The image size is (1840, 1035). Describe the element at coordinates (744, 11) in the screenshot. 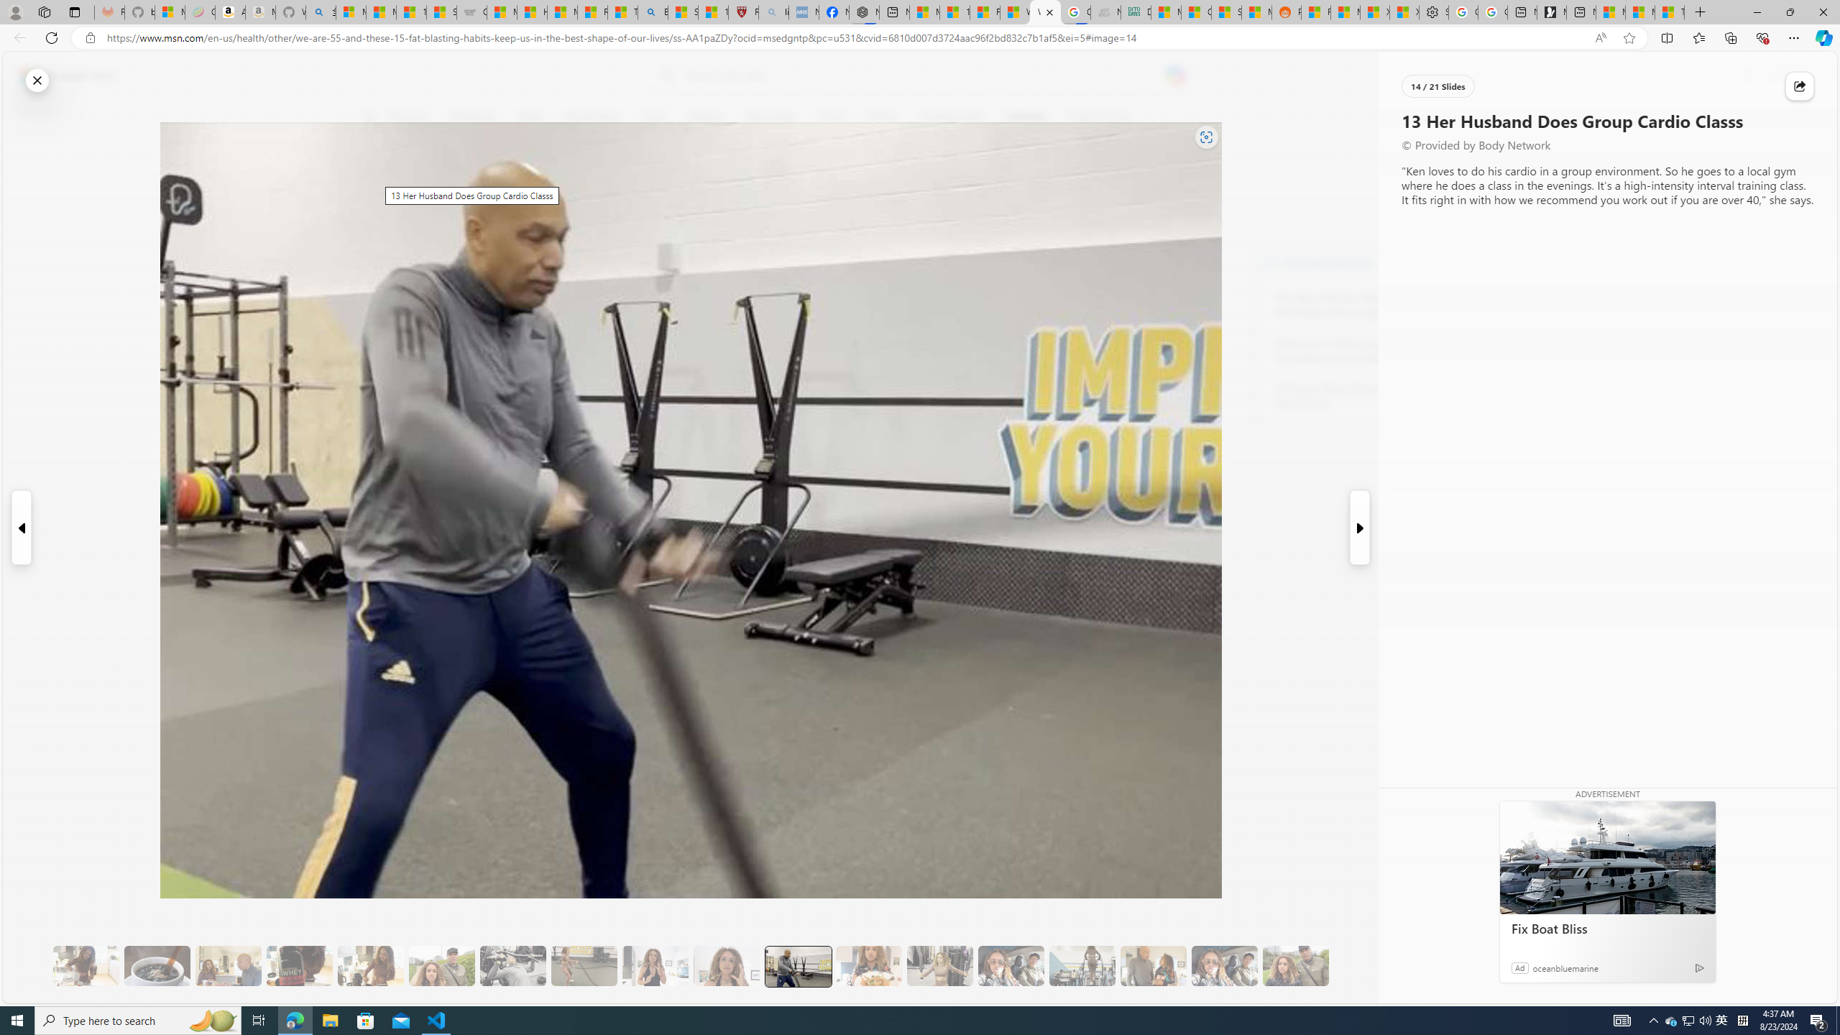

I see `'Robert H. Shmerling, MD - Harvard Health'` at that location.